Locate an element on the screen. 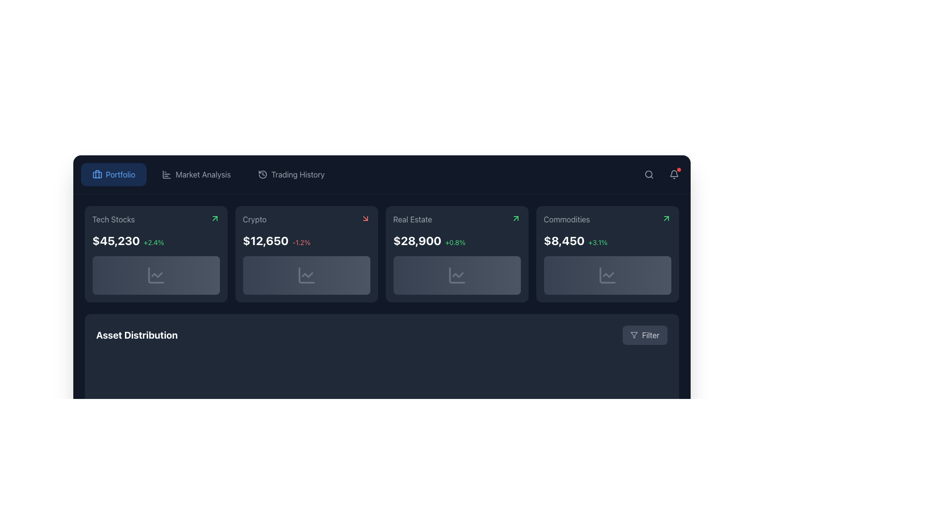  the text label displaying '+2.4%' styled in green, indicating a positive change, located within the 'Tech Stocks' card, directly to the right of the '$45,230' text is located at coordinates (153, 242).